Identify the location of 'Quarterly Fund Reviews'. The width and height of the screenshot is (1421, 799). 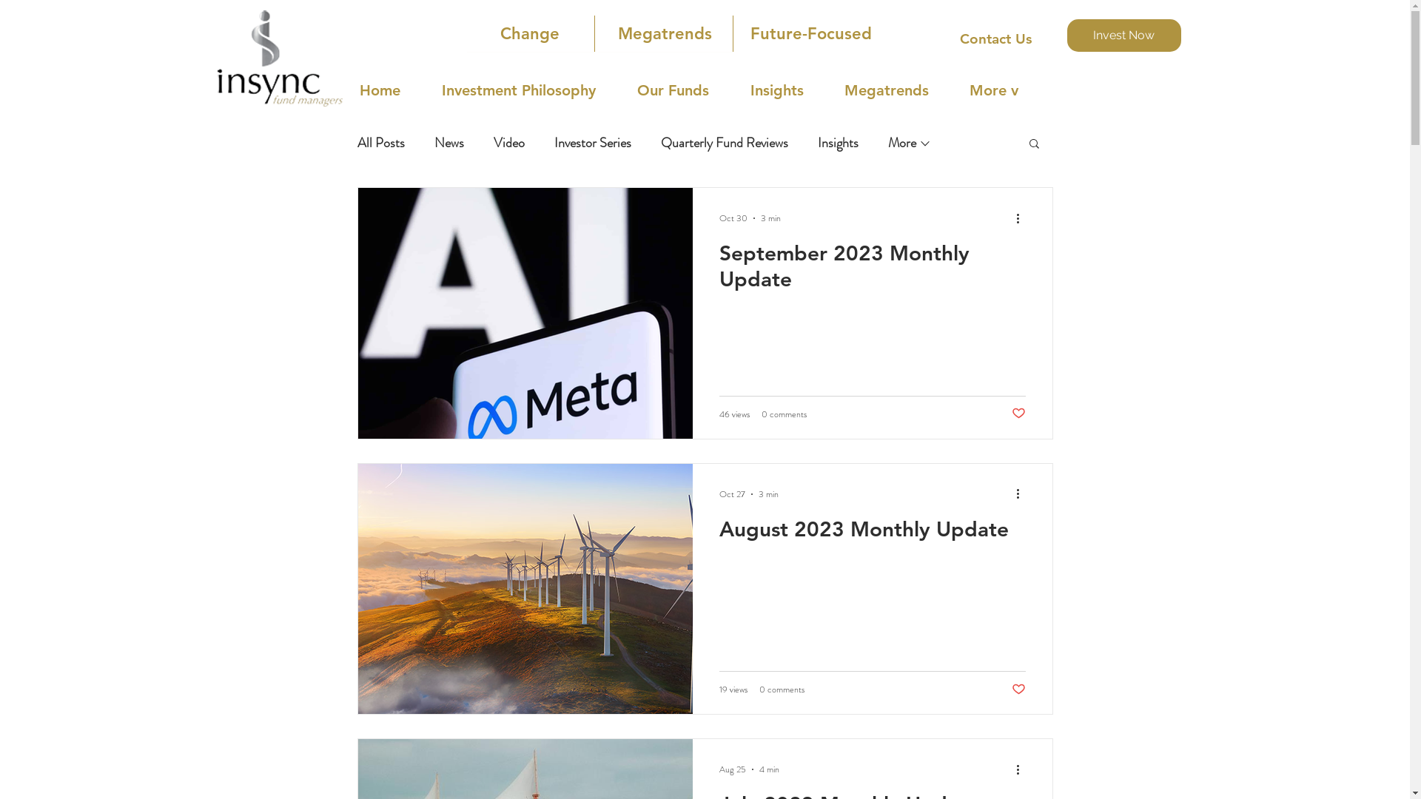
(724, 142).